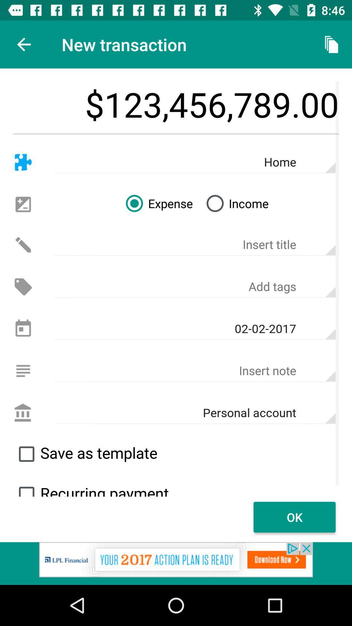 The image size is (352, 626). I want to click on insert, so click(23, 371).